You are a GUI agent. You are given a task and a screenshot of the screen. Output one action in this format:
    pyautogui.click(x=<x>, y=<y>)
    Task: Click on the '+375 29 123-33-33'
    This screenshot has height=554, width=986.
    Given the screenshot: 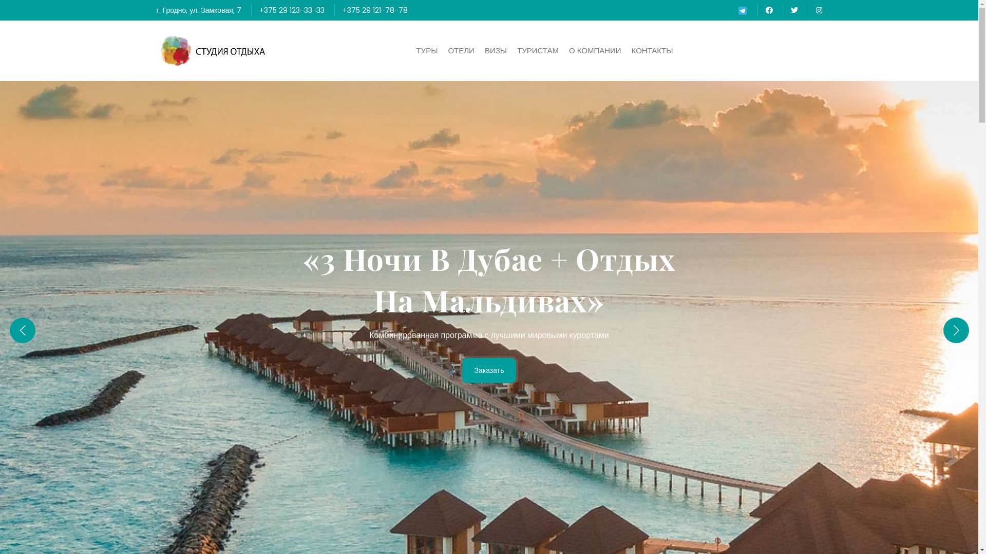 What is the action you would take?
    pyautogui.click(x=259, y=10)
    